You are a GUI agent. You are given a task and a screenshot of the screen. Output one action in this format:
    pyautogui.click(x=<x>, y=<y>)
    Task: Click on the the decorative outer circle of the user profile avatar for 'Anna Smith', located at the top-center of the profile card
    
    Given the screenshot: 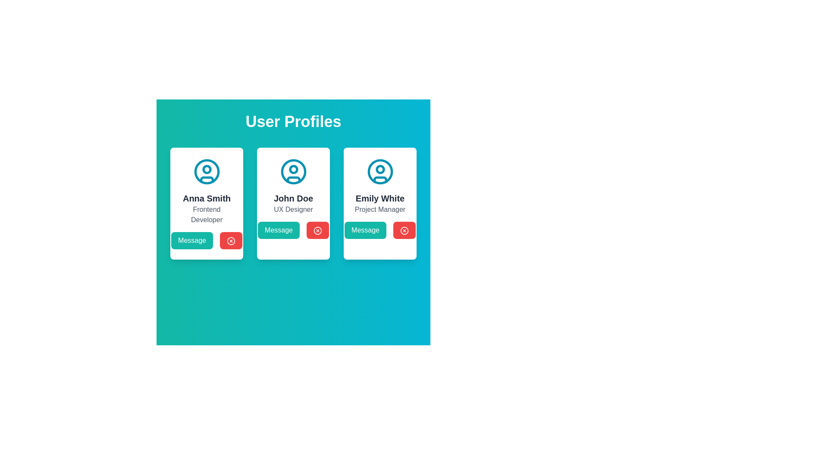 What is the action you would take?
    pyautogui.click(x=206, y=171)
    